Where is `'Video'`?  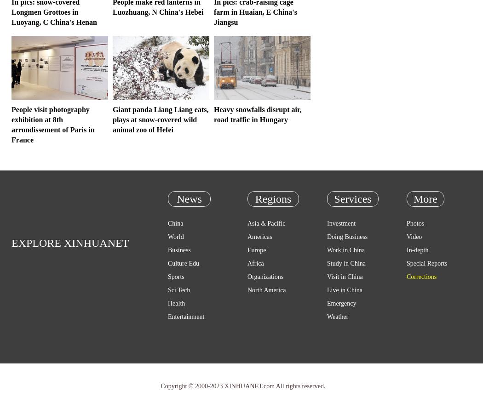 'Video' is located at coordinates (414, 237).